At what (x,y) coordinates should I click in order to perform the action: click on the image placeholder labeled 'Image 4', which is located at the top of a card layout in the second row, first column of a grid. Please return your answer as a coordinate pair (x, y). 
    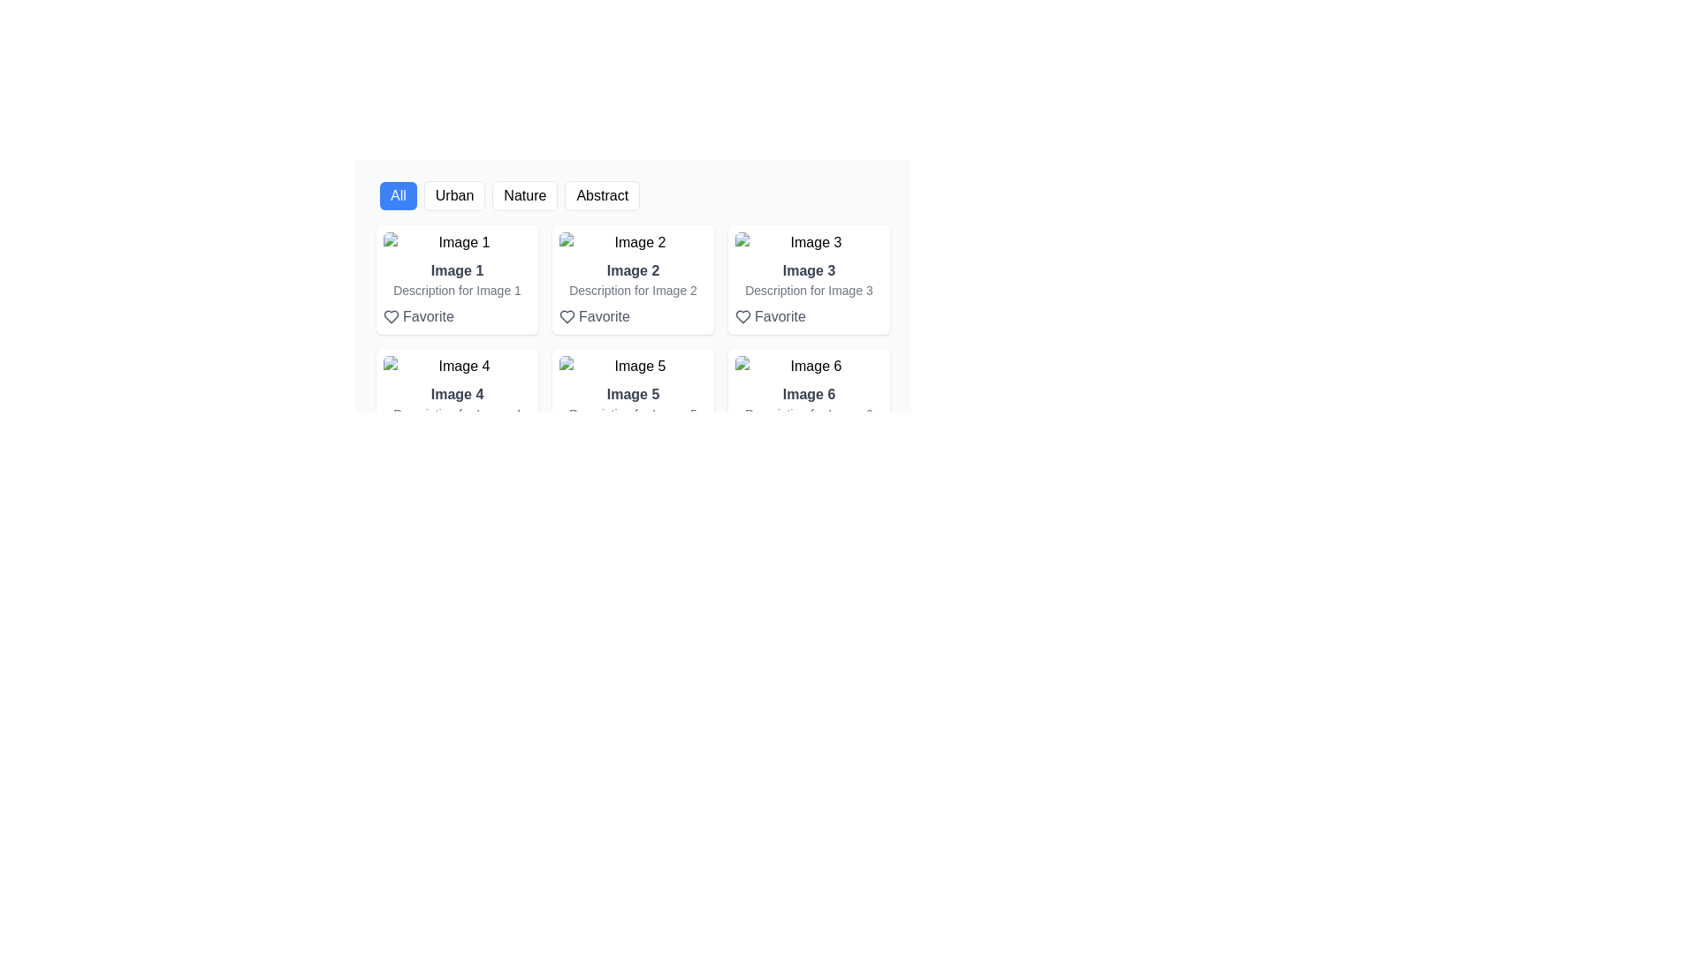
    Looking at the image, I should click on (457, 366).